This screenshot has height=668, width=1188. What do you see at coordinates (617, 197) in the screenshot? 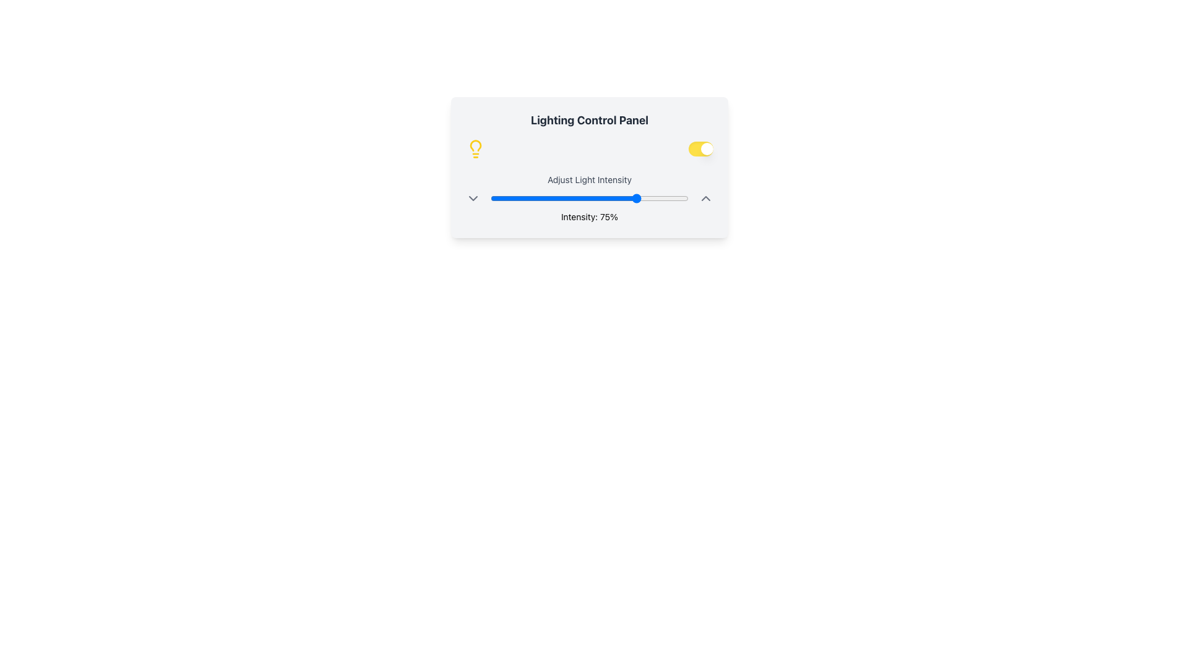
I see `the light intensity` at bounding box center [617, 197].